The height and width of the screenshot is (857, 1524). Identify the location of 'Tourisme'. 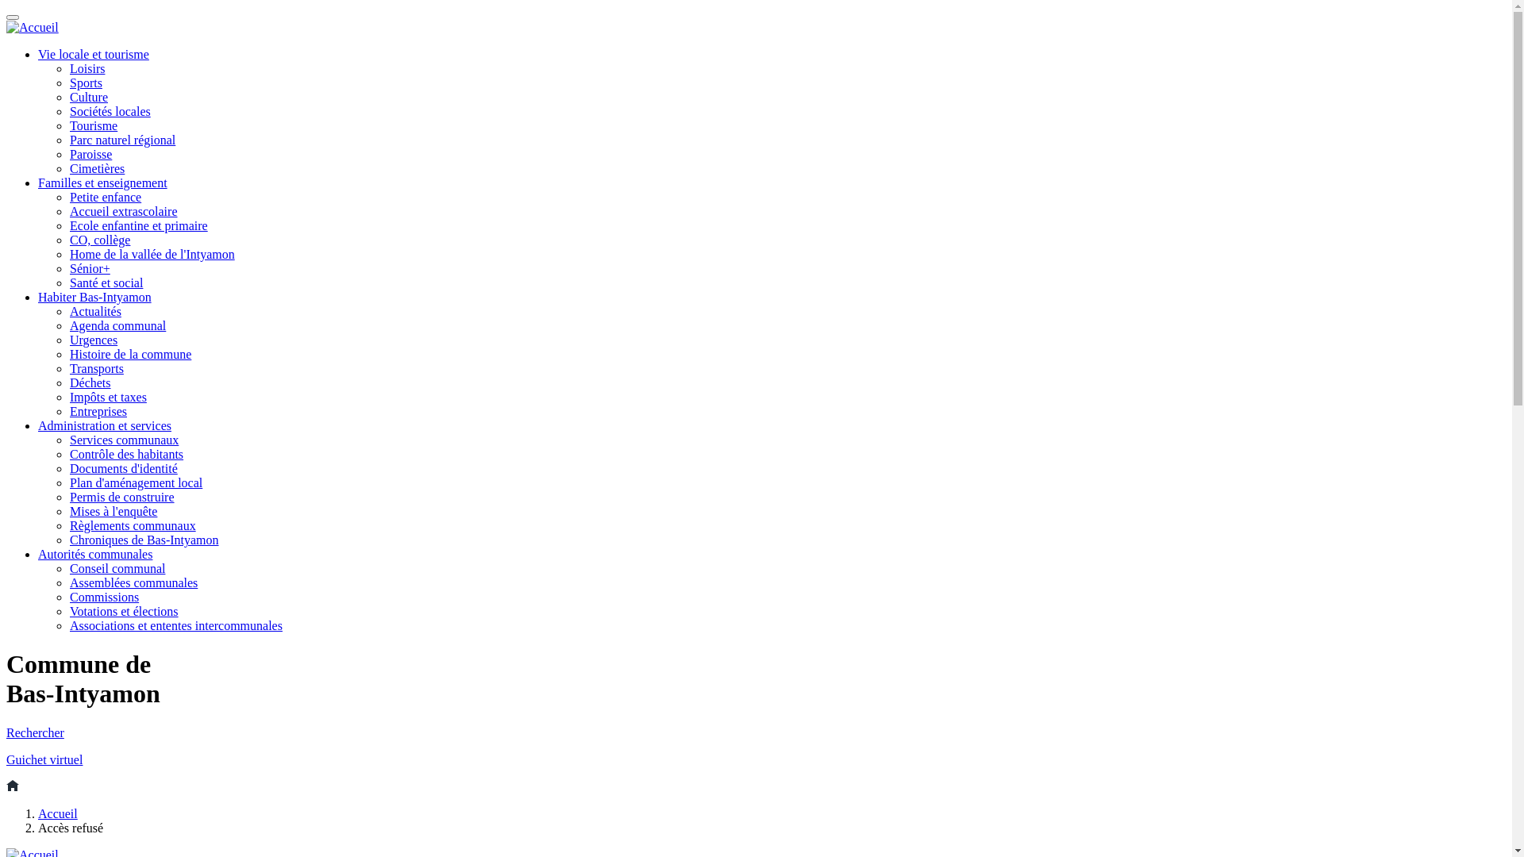
(93, 125).